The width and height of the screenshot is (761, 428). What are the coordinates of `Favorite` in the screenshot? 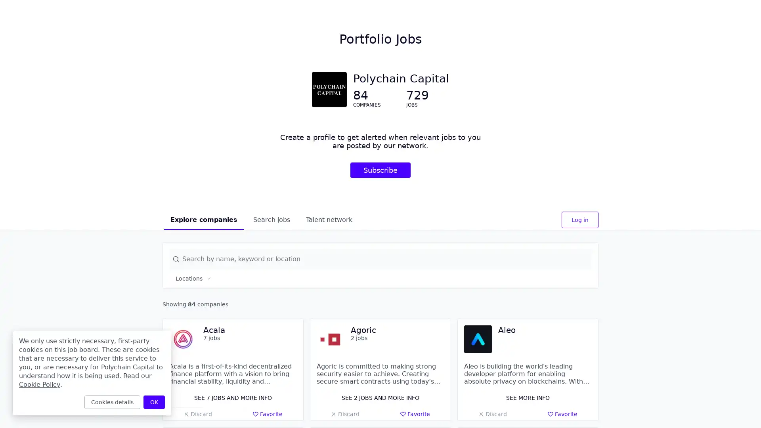 It's located at (562, 414).